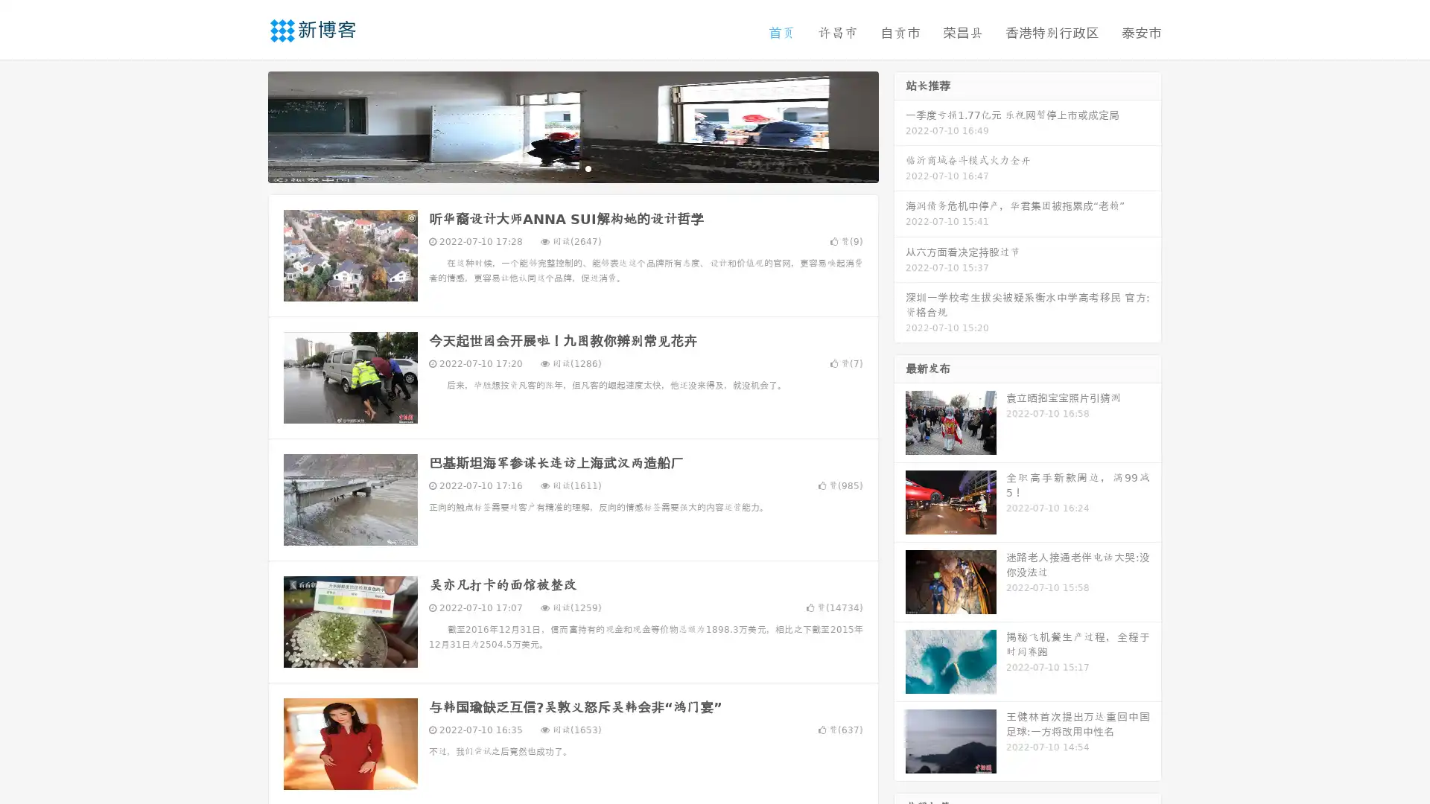 The image size is (1430, 804). I want to click on Next slide, so click(900, 125).